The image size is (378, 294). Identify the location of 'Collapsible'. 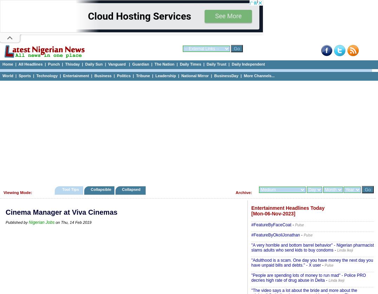
(100, 189).